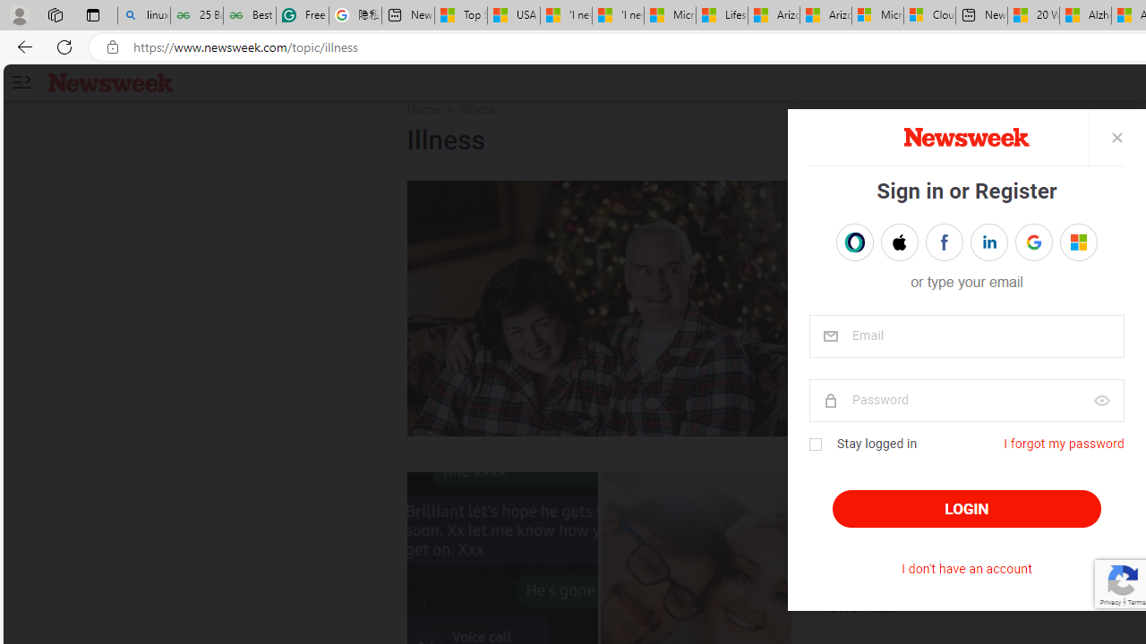 The height and width of the screenshot is (644, 1146). What do you see at coordinates (249, 15) in the screenshot?
I see `'Best SSL Certificates Provider in India - GeeksforGeeks'` at bounding box center [249, 15].